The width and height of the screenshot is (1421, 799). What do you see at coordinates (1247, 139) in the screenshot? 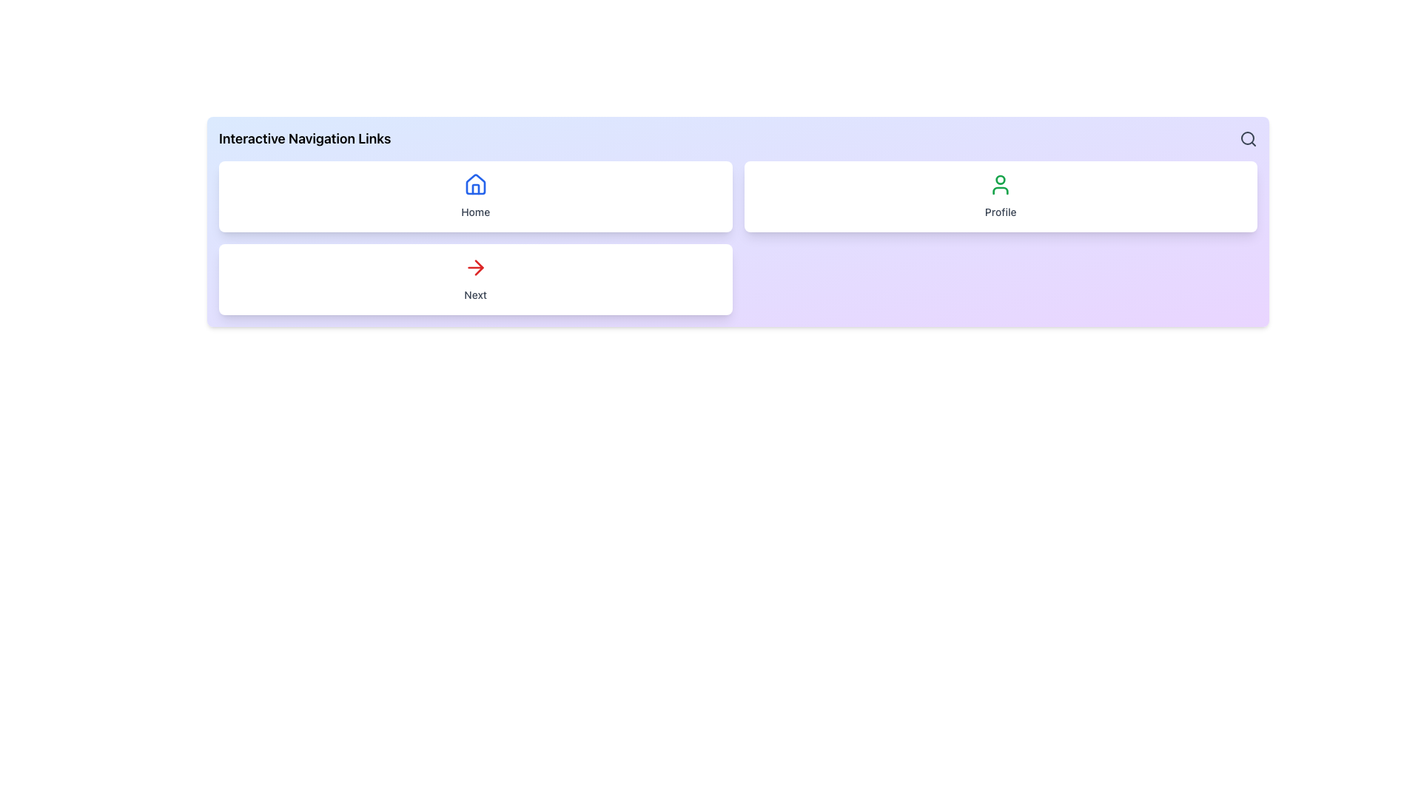
I see `the magnifying glass icon button located on the far-right edge of the 'Interactive Navigation Links' row to initiate a search` at bounding box center [1247, 139].